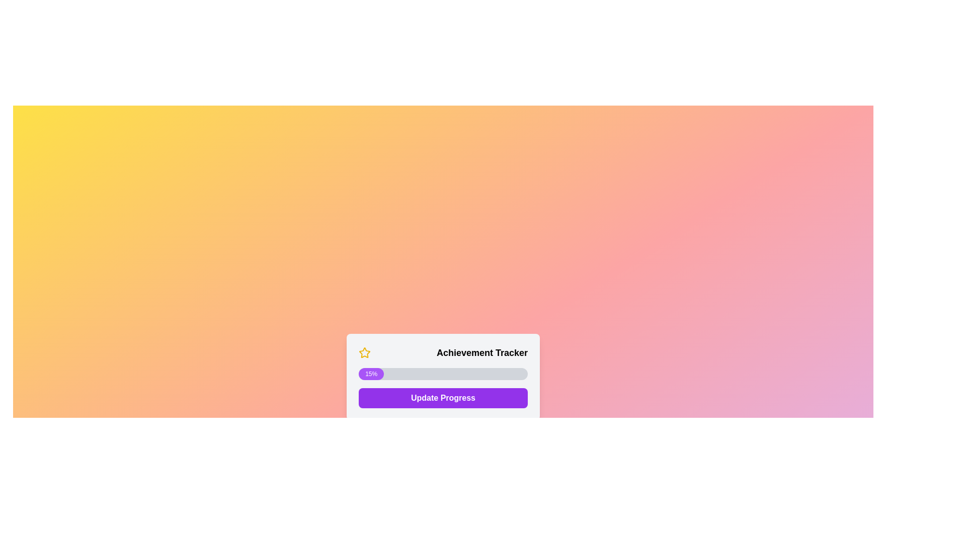 The width and height of the screenshot is (966, 543). What do you see at coordinates (364, 352) in the screenshot?
I see `the star icon that serves as a decorative or status indicator for the achievement tracking feature, located at the left end of the horizontal arrangement` at bounding box center [364, 352].